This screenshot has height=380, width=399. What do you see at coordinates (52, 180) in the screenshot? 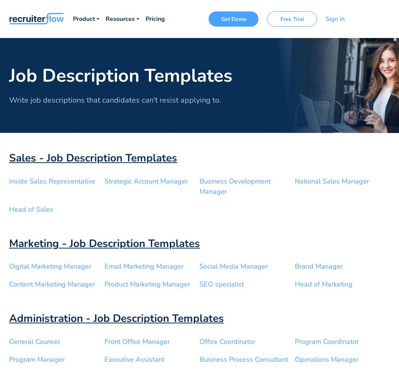
I see `'Inside Sales Representative'` at bounding box center [52, 180].